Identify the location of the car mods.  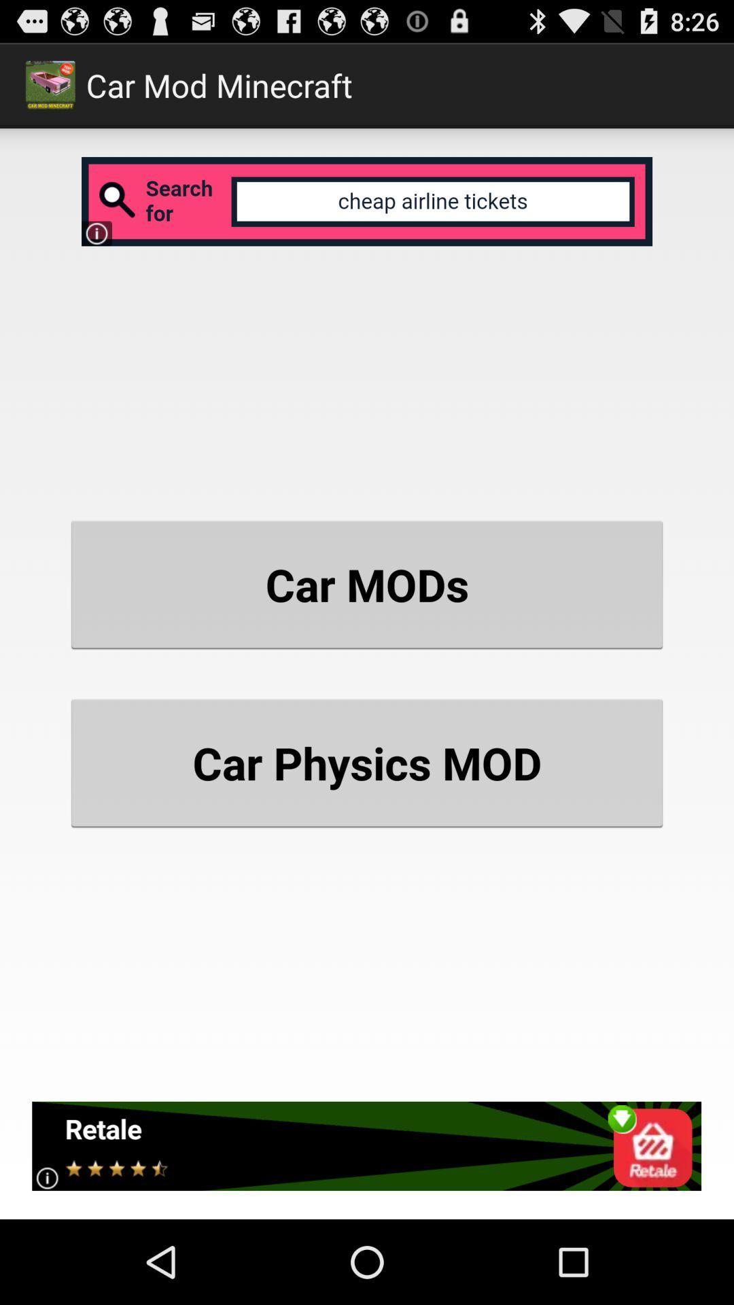
(367, 585).